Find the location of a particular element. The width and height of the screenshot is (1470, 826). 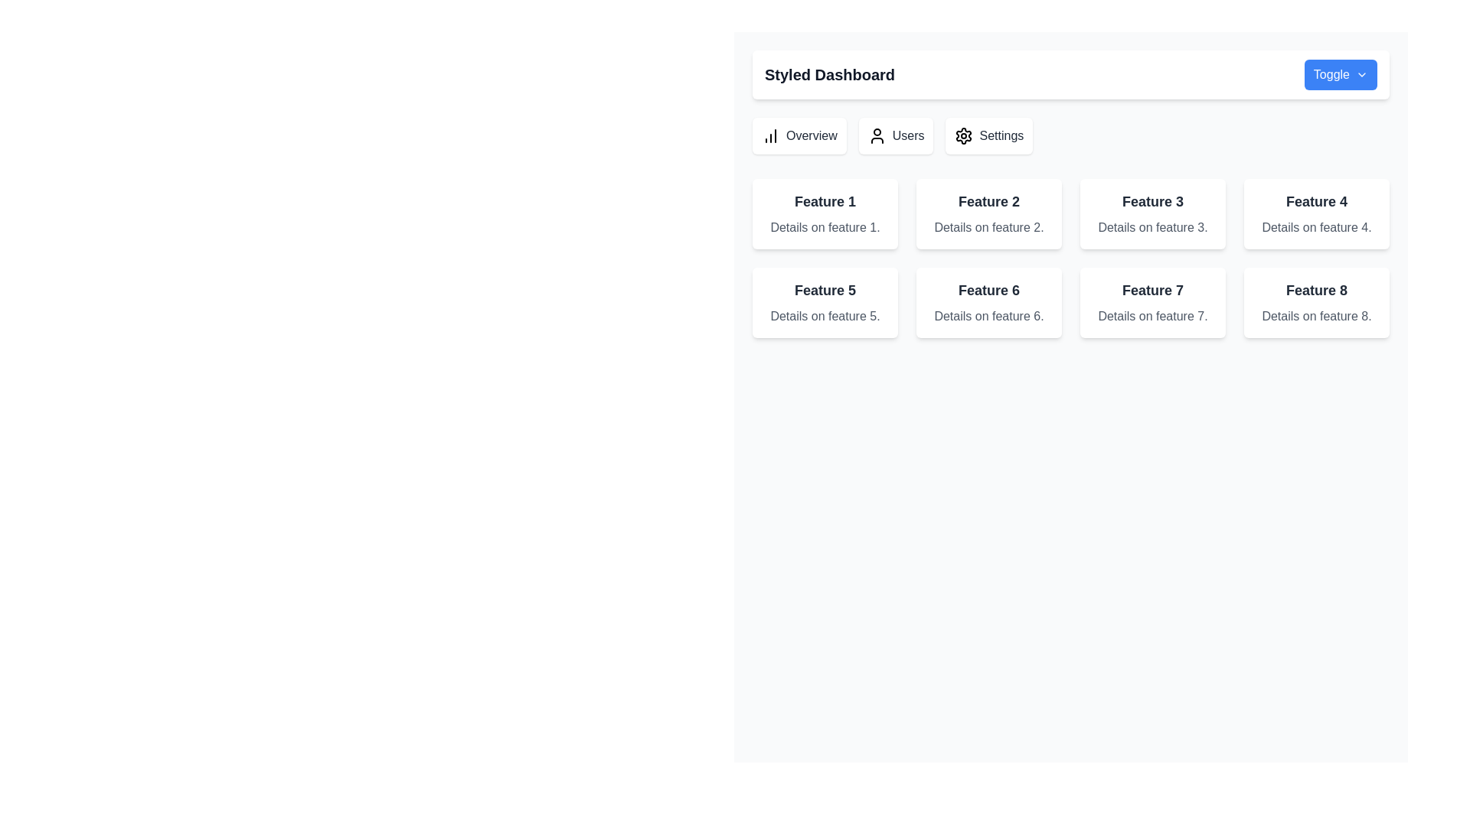

the title text element located in the top section of the feature card in the second row and last column of a 2x4 grid layout is located at coordinates (1315, 200).